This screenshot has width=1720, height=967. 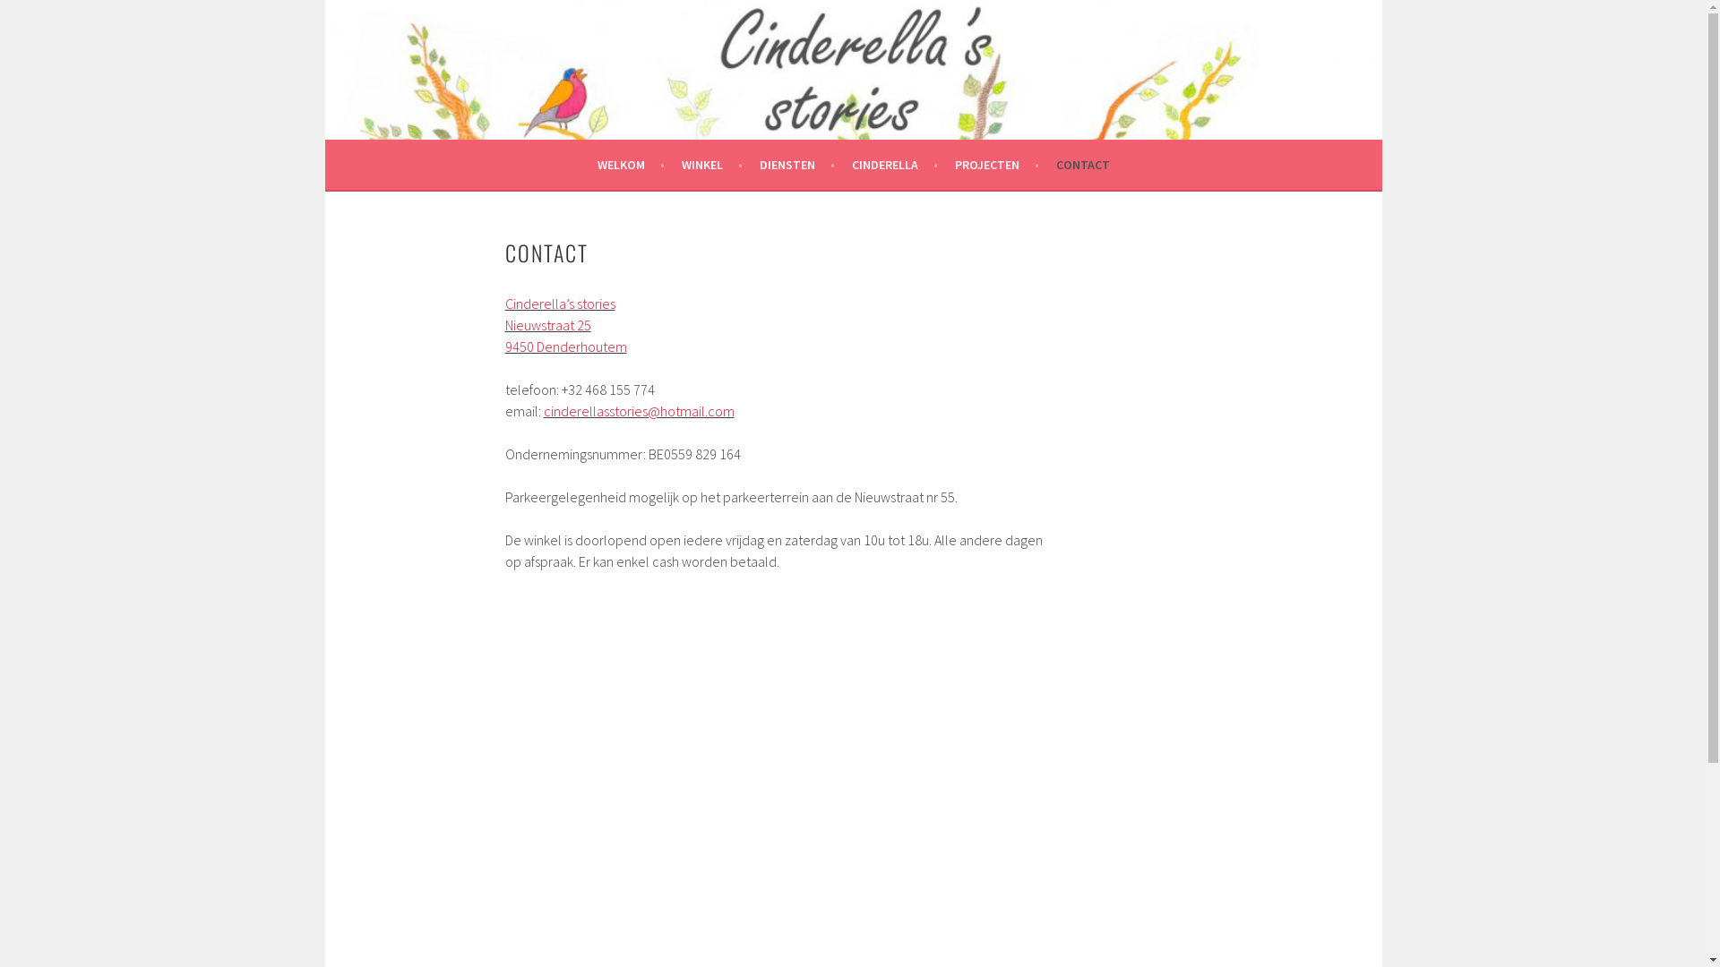 What do you see at coordinates (323, 0) in the screenshot?
I see `'Skip to content'` at bounding box center [323, 0].